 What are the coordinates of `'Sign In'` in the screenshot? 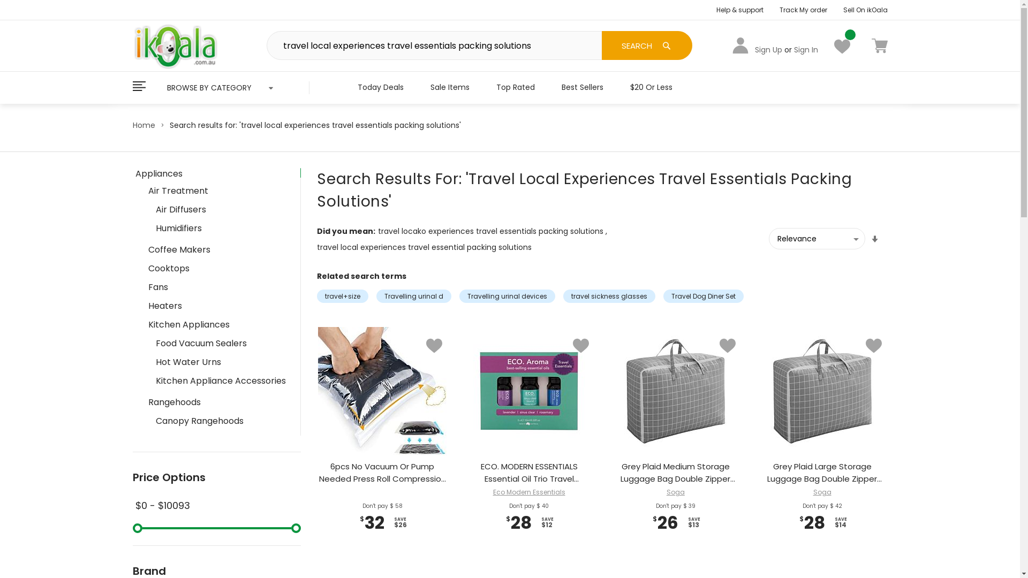 It's located at (805, 49).